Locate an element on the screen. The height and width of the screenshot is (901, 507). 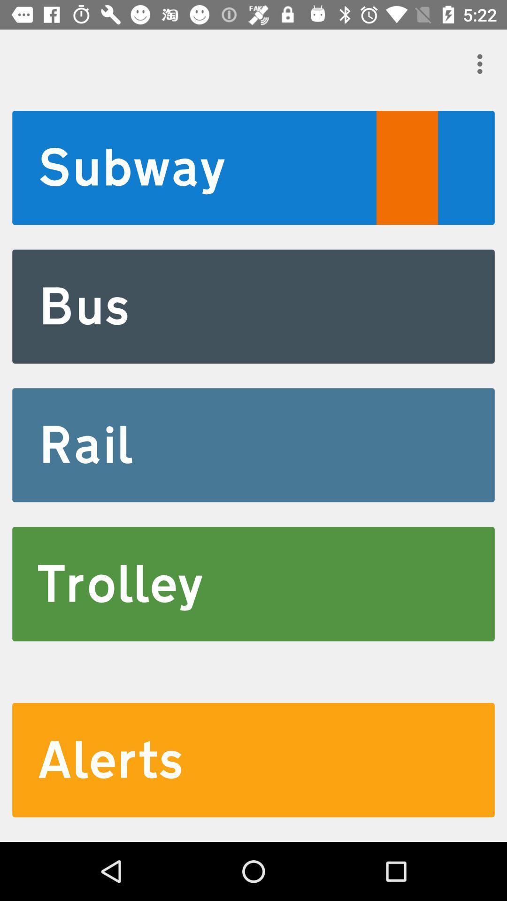
the subway icon is located at coordinates (253, 168).